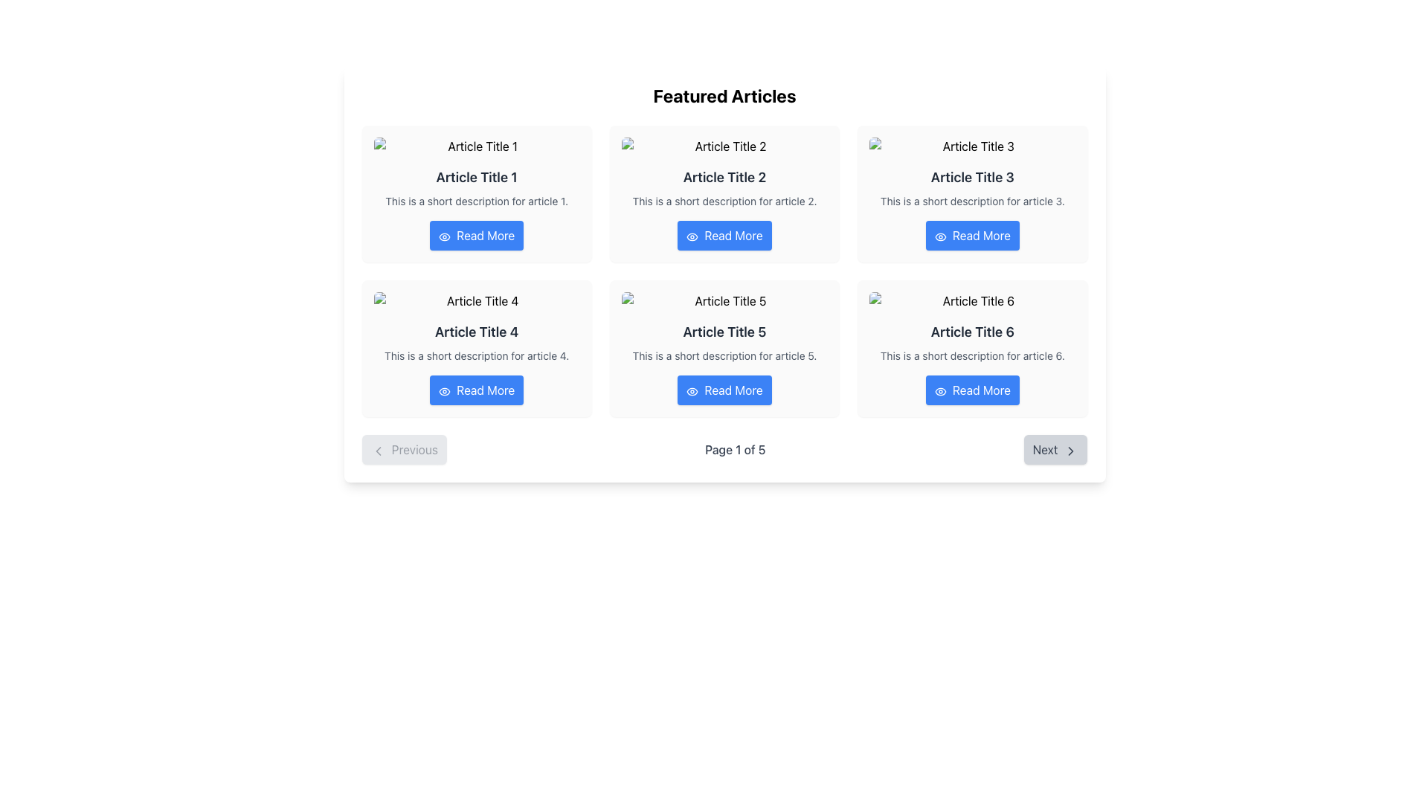  What do you see at coordinates (972, 234) in the screenshot?
I see `the 'Read More' button with a blue background and rounded edges, located in the third column of the grid layout under 'Article Title 3'` at bounding box center [972, 234].